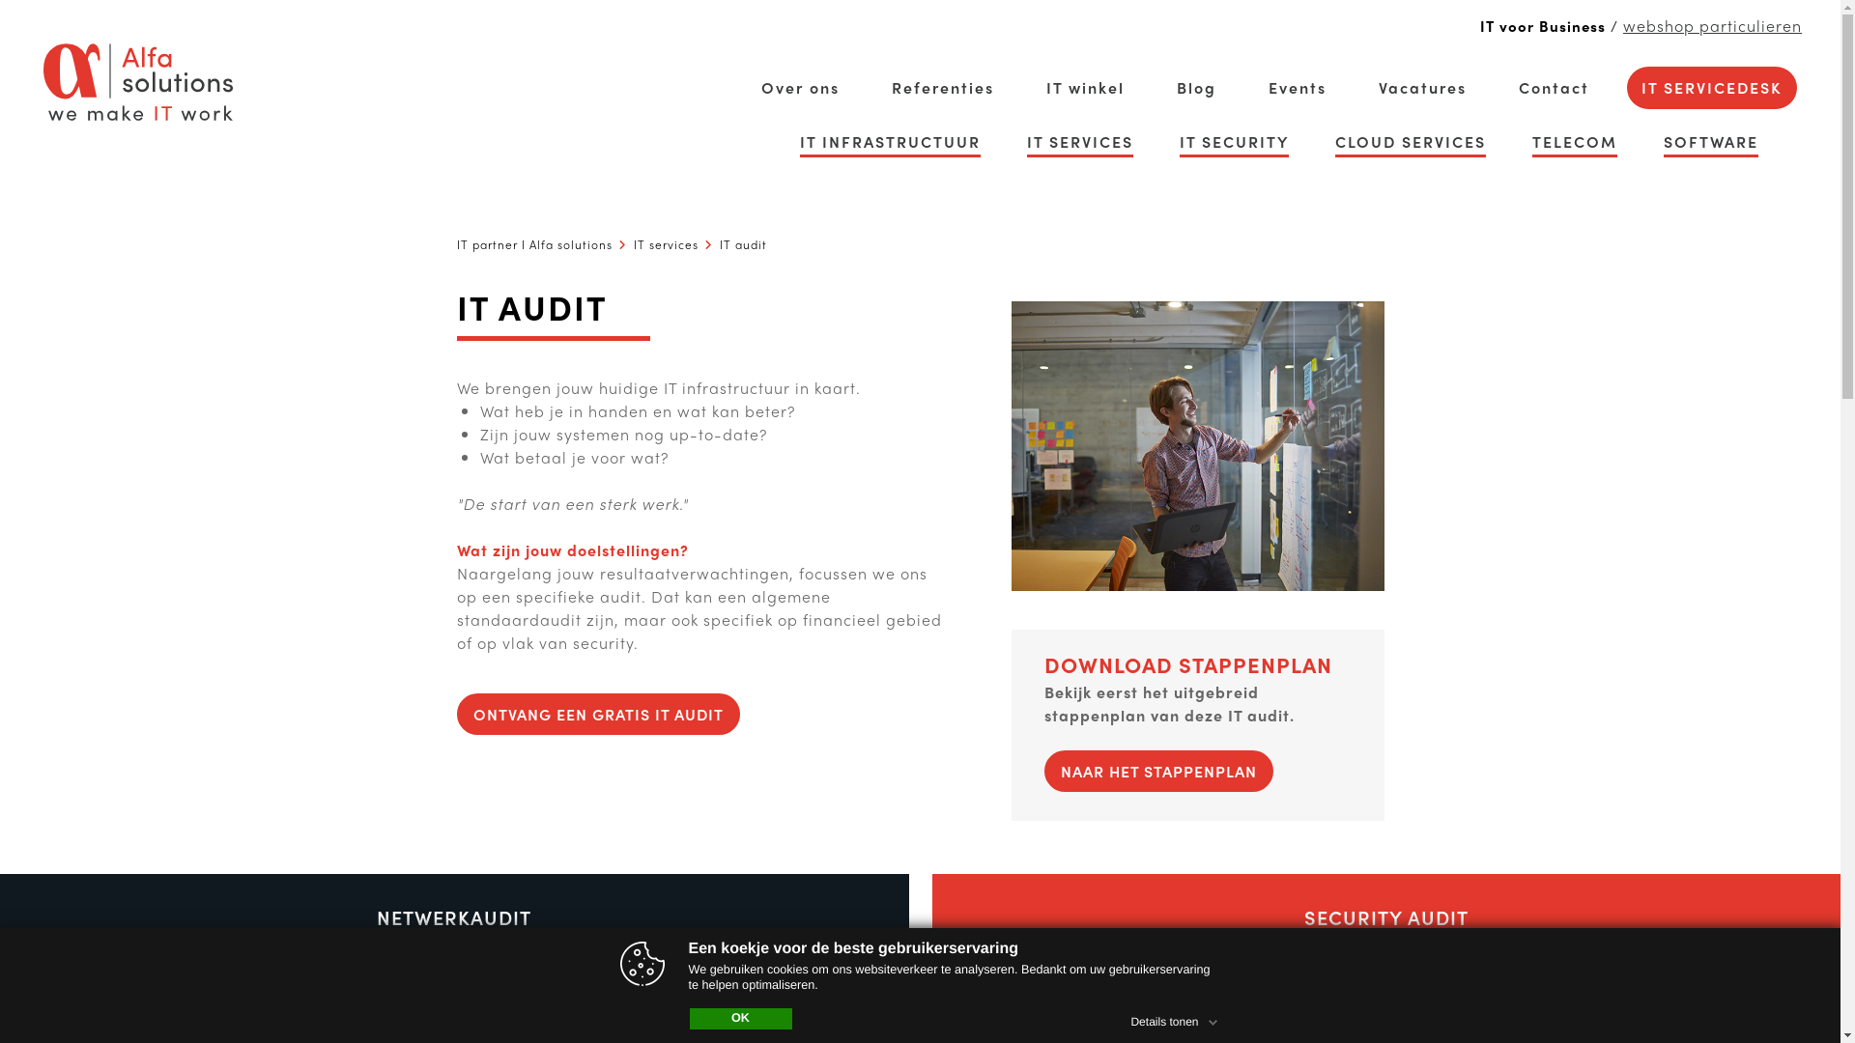 This screenshot has width=1855, height=1043. What do you see at coordinates (1269, 88) in the screenshot?
I see `'Events'` at bounding box center [1269, 88].